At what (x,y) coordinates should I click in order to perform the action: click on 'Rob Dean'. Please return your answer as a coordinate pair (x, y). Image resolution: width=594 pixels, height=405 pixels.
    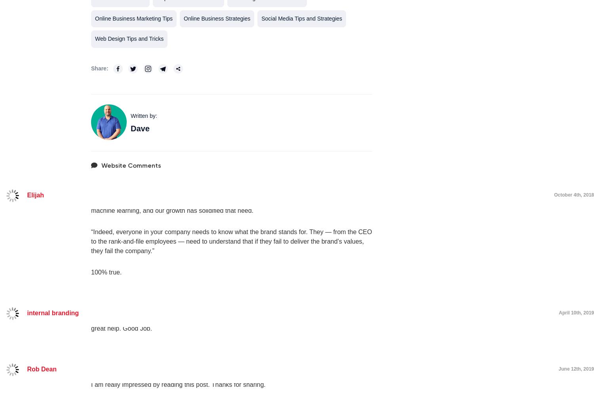
    Looking at the image, I should click on (26, 369).